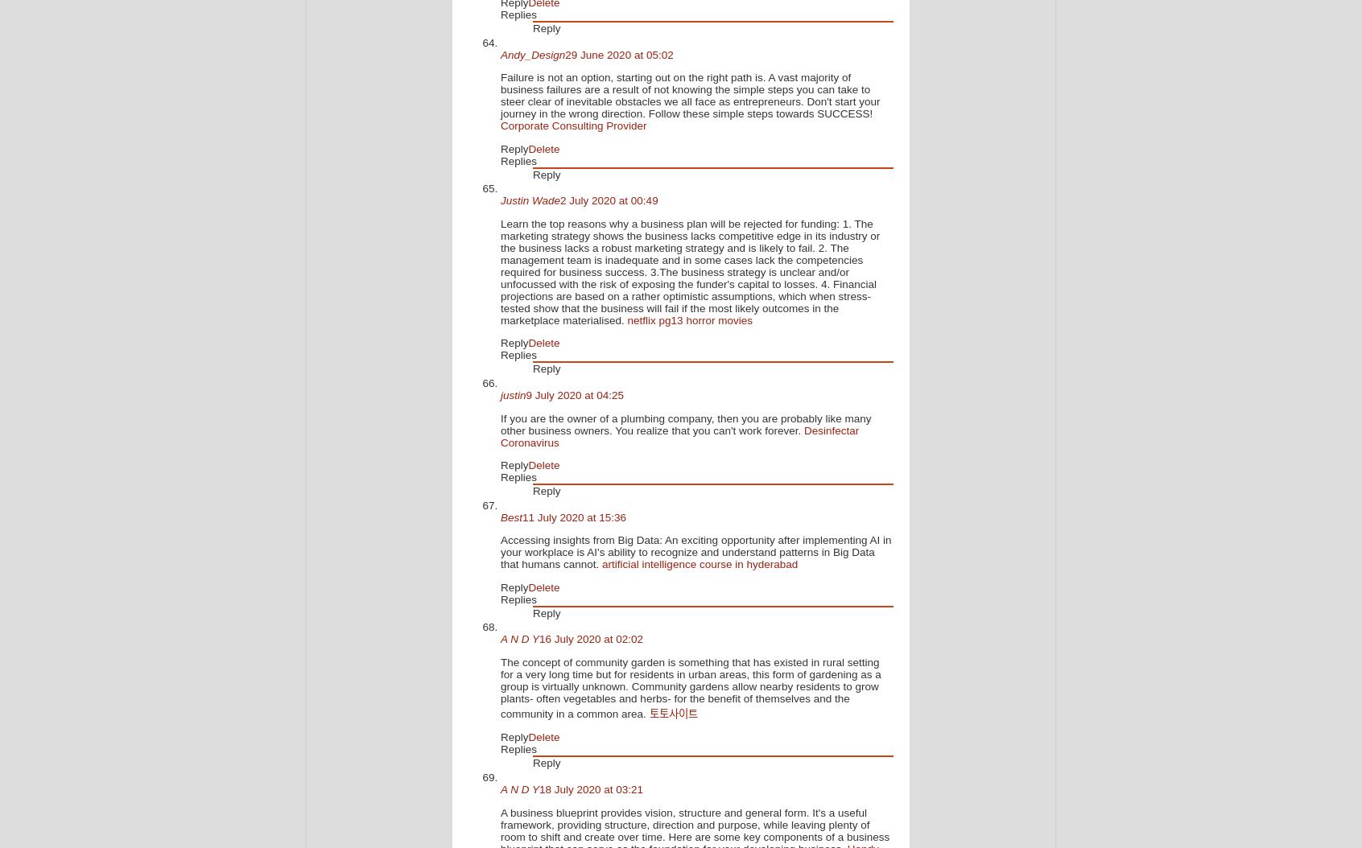 This screenshot has width=1362, height=848. Describe the element at coordinates (689, 95) in the screenshot. I see `'Failure is not an option, starting out on the right path is. A vast majority of business failures are a result of not knowing the simple steps you can take to steer clear of inevitable obstacles we all face as entrepreneurs. Don't start your journey in the wrong direction. Follow these simple steps towards SUCCESS!'` at that location.